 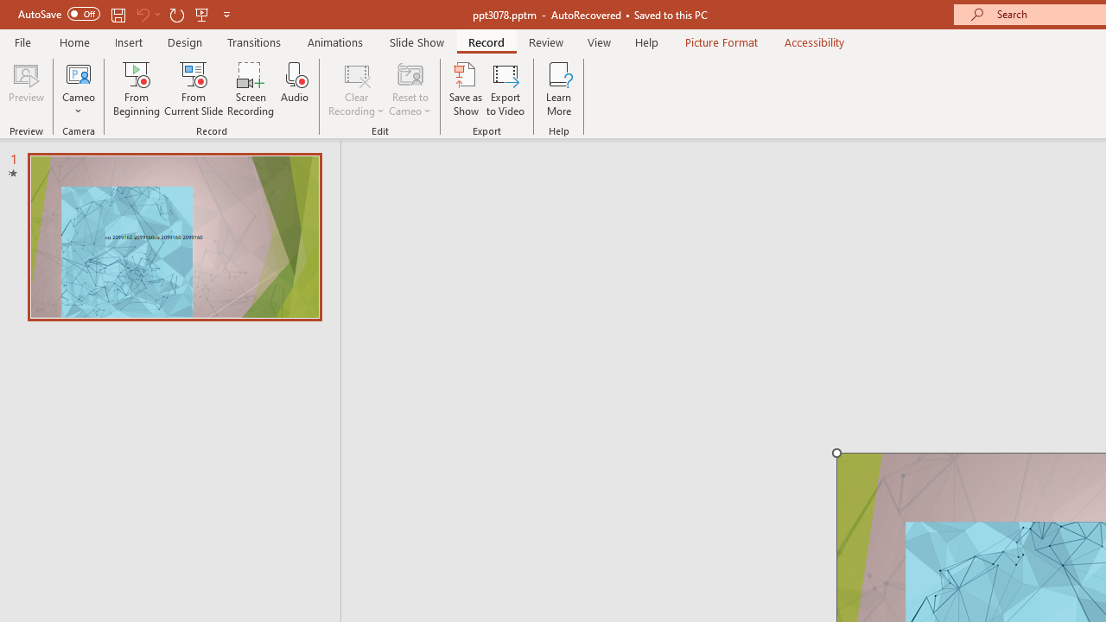 What do you see at coordinates (721, 41) in the screenshot?
I see `'Picture Format'` at bounding box center [721, 41].